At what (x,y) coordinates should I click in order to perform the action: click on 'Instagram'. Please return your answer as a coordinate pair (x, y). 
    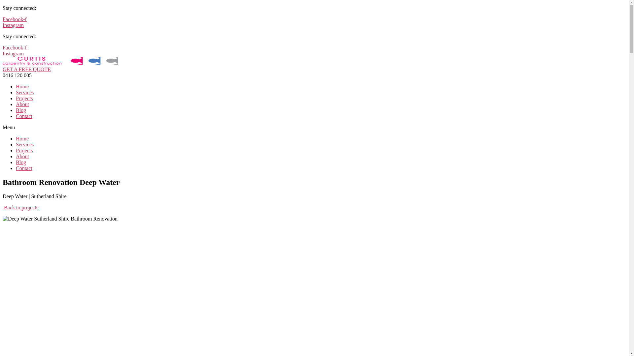
    Looking at the image, I should click on (13, 53).